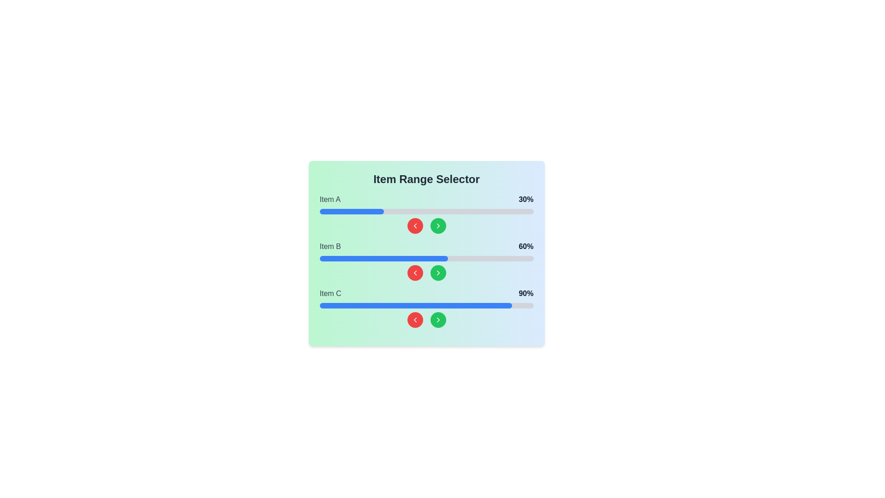 This screenshot has width=885, height=498. What do you see at coordinates (426, 272) in the screenshot?
I see `over the circular buttons in the Button group with functional controls located below the progress bar associated with 'Item B'` at bounding box center [426, 272].